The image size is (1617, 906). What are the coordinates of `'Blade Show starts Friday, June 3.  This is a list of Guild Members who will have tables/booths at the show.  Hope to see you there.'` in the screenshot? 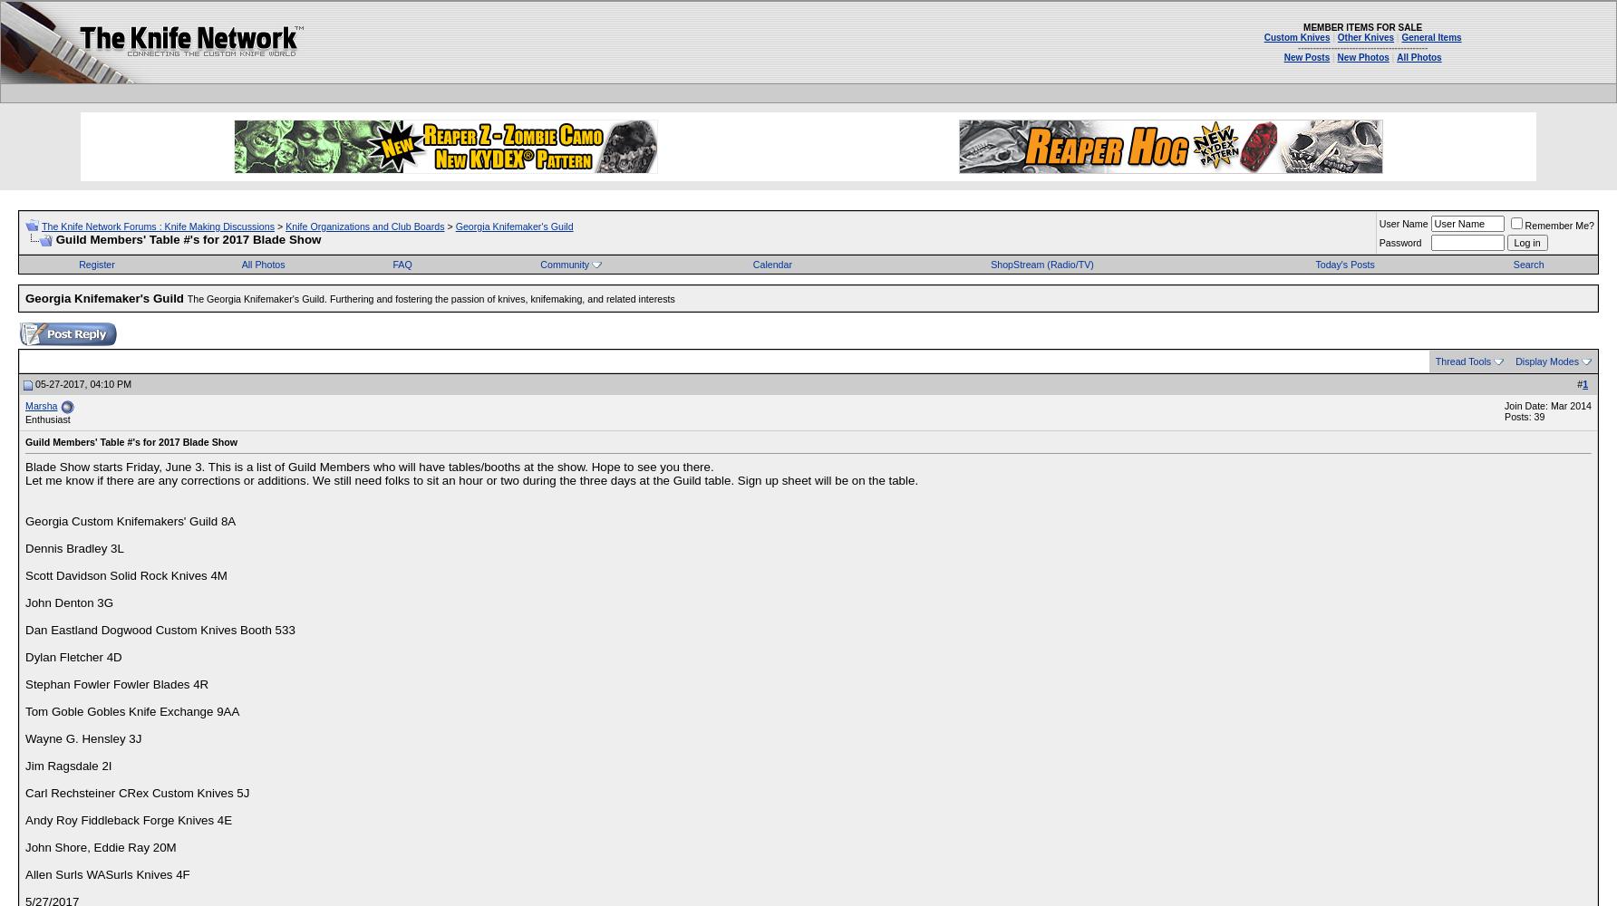 It's located at (368, 467).